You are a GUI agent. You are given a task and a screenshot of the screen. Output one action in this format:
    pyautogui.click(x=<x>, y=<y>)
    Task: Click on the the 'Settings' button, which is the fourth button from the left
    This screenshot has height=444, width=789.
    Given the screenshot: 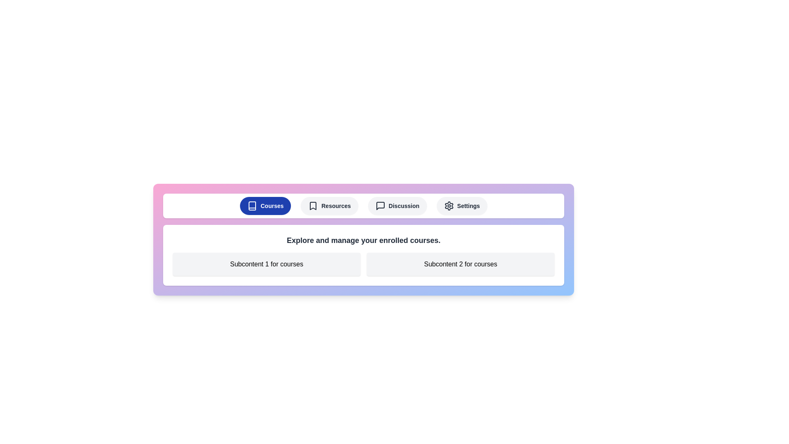 What is the action you would take?
    pyautogui.click(x=461, y=206)
    